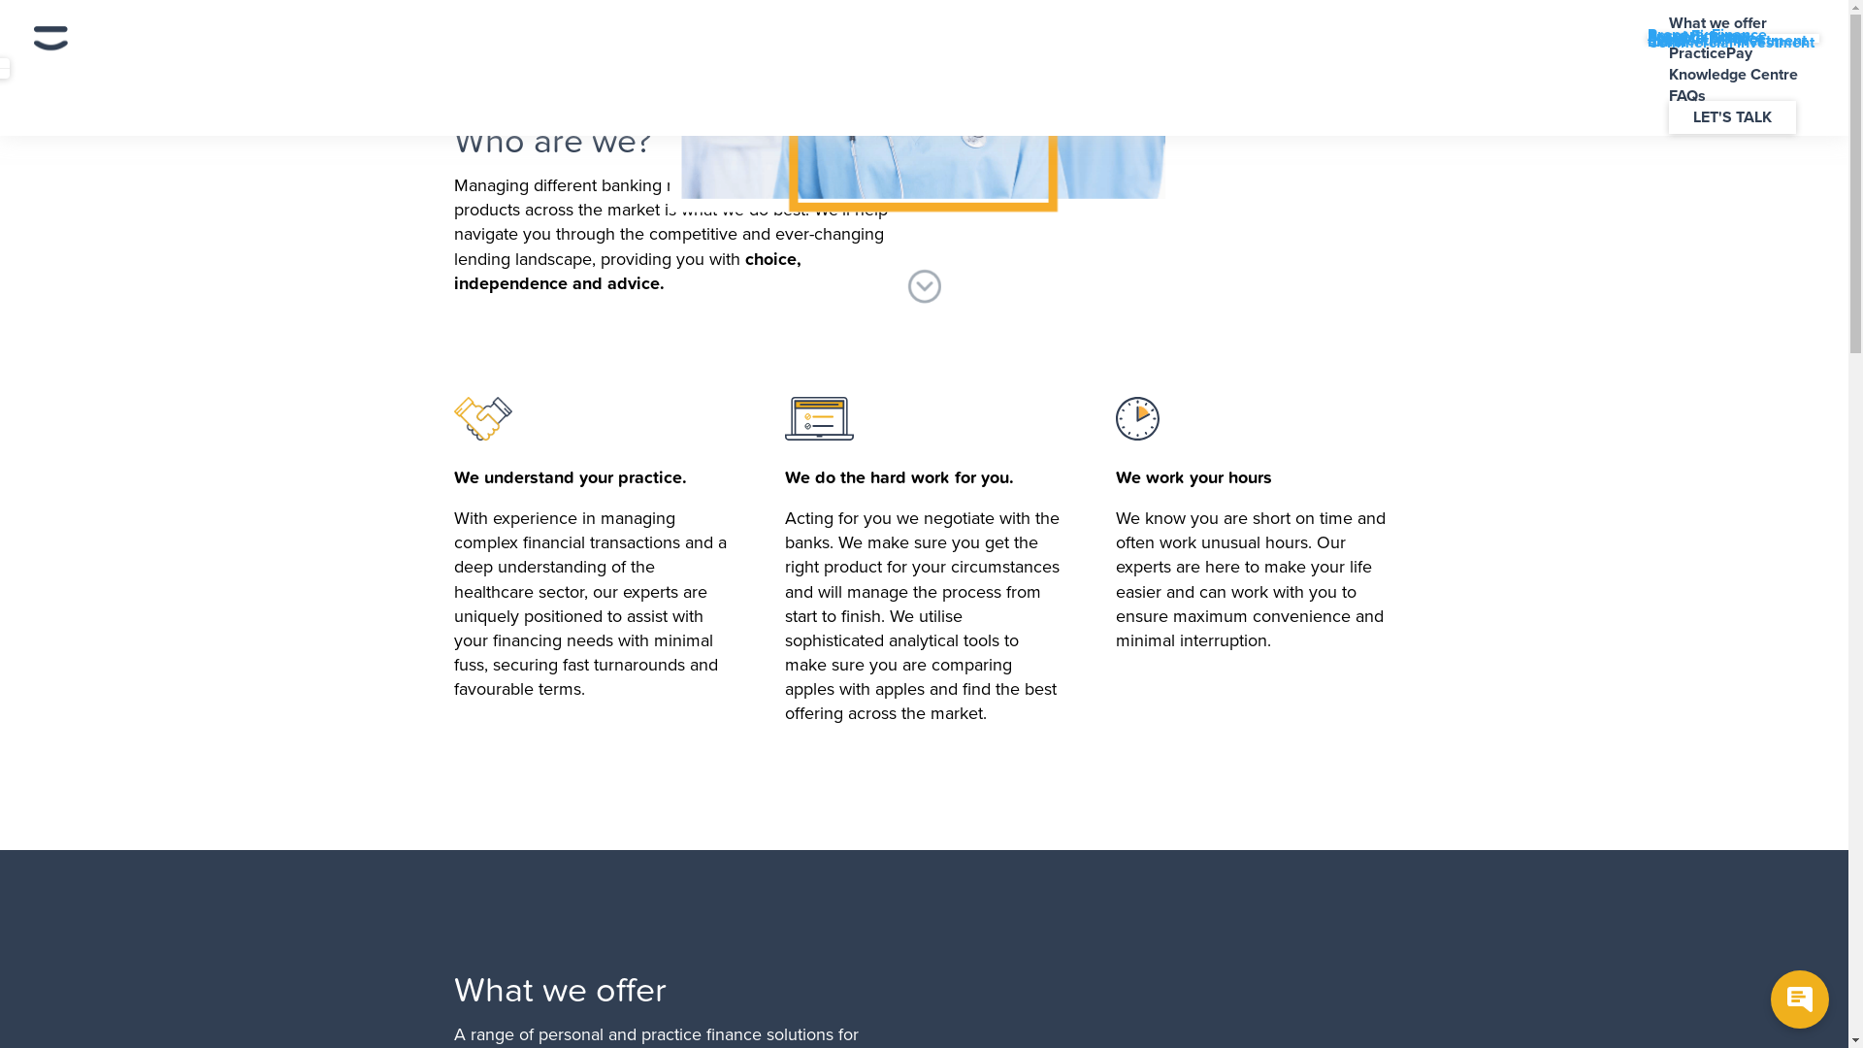 This screenshot has height=1048, width=1863. I want to click on 'blank', so click(1666, 40).